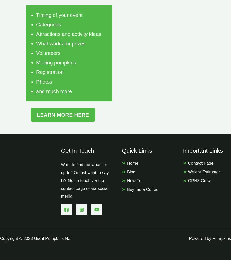 The width and height of the screenshot is (231, 260). Describe the element at coordinates (200, 163) in the screenshot. I see `'Contact Page'` at that location.